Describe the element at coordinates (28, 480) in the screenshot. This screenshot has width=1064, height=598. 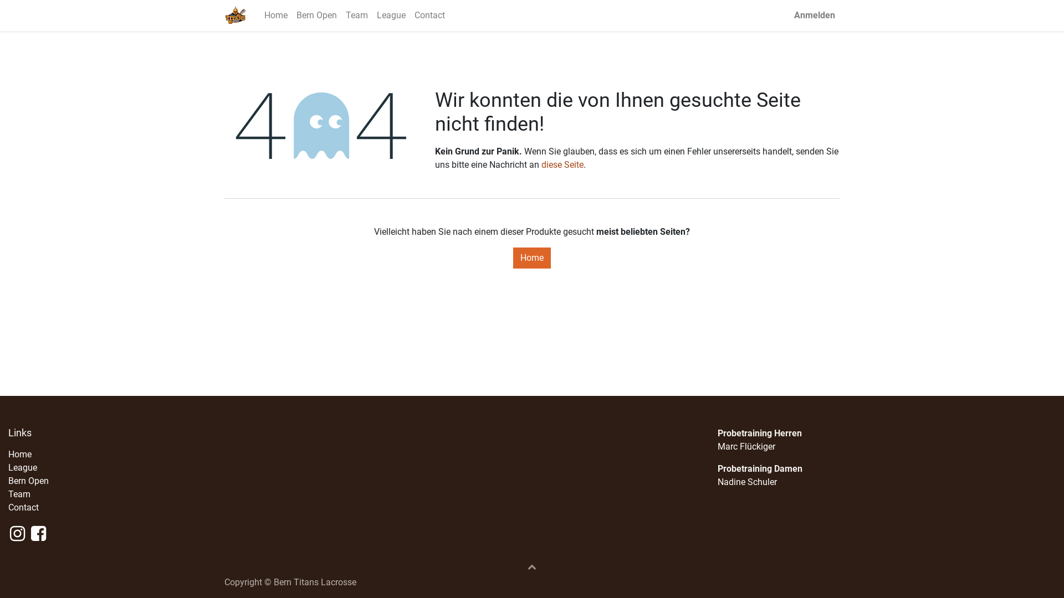
I see `'Bern Open'` at that location.